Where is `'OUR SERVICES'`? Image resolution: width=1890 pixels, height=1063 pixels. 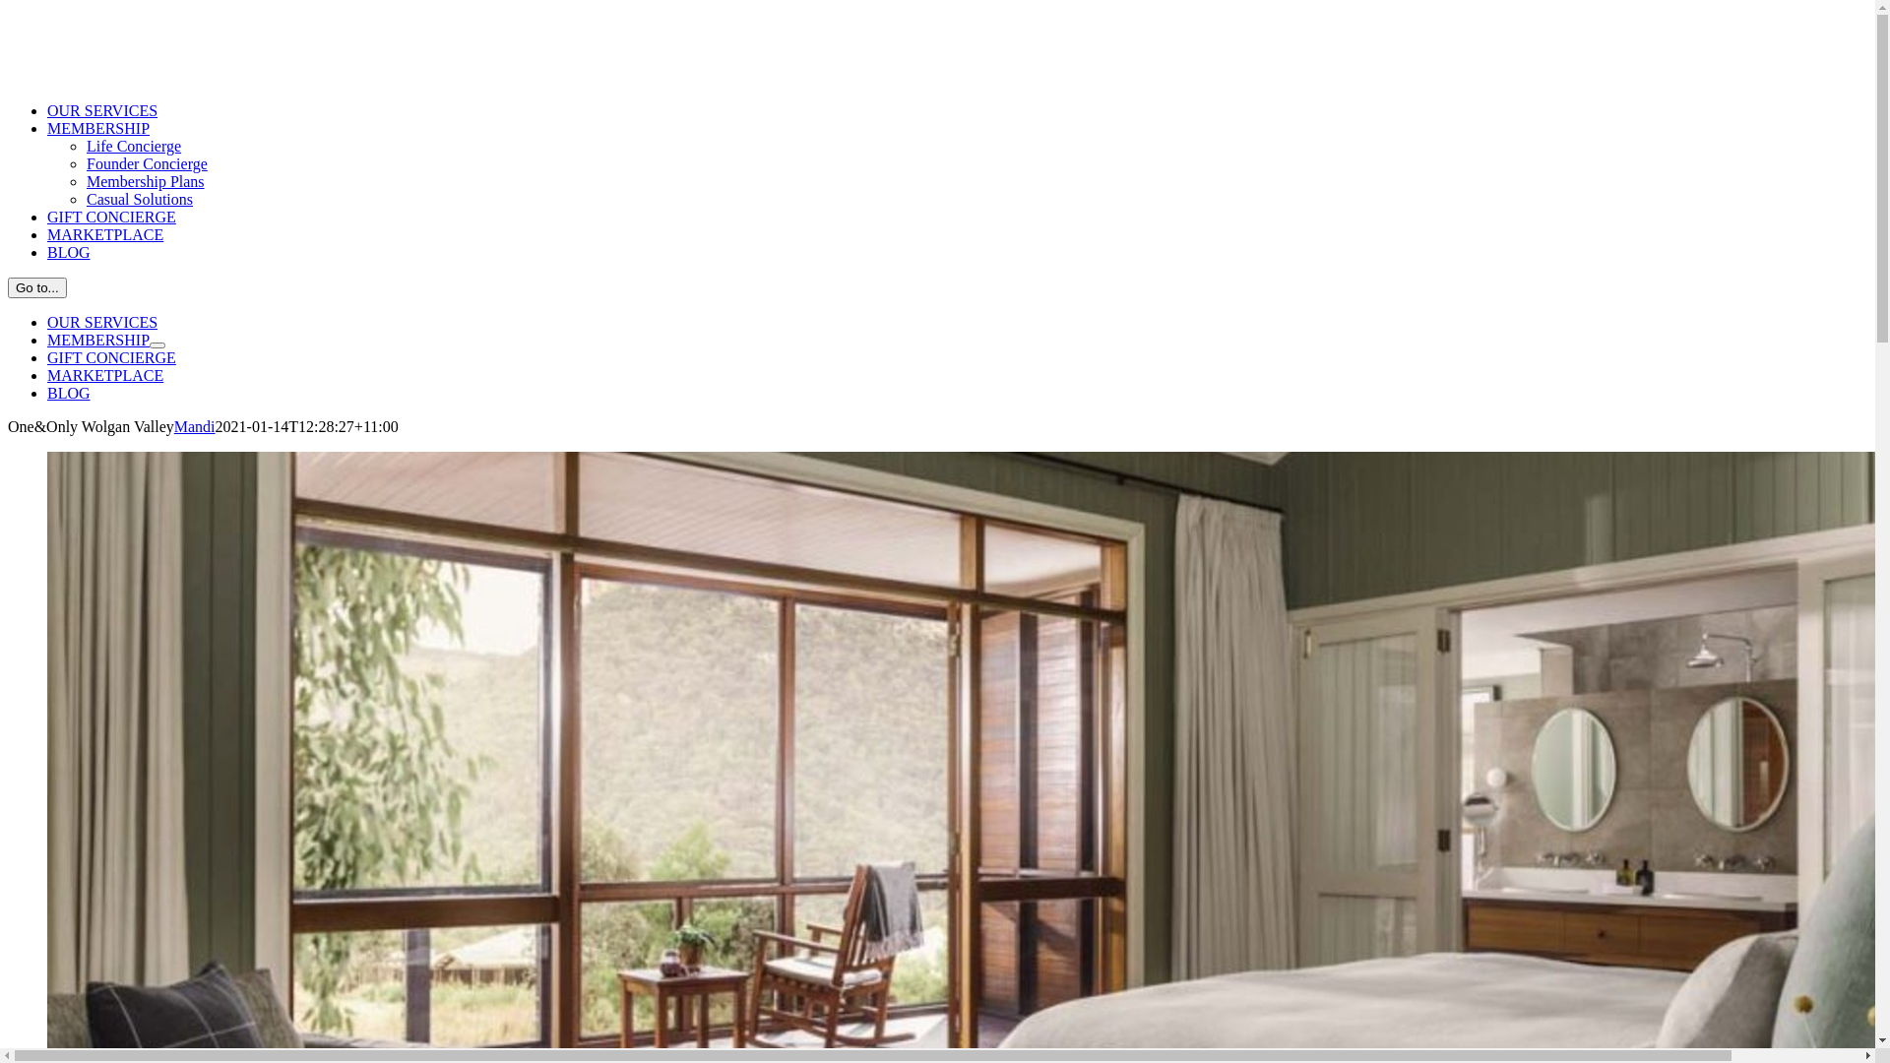 'OUR SERVICES' is located at coordinates (47, 321).